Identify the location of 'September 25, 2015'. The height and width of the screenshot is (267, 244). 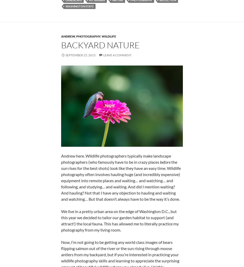
(80, 55).